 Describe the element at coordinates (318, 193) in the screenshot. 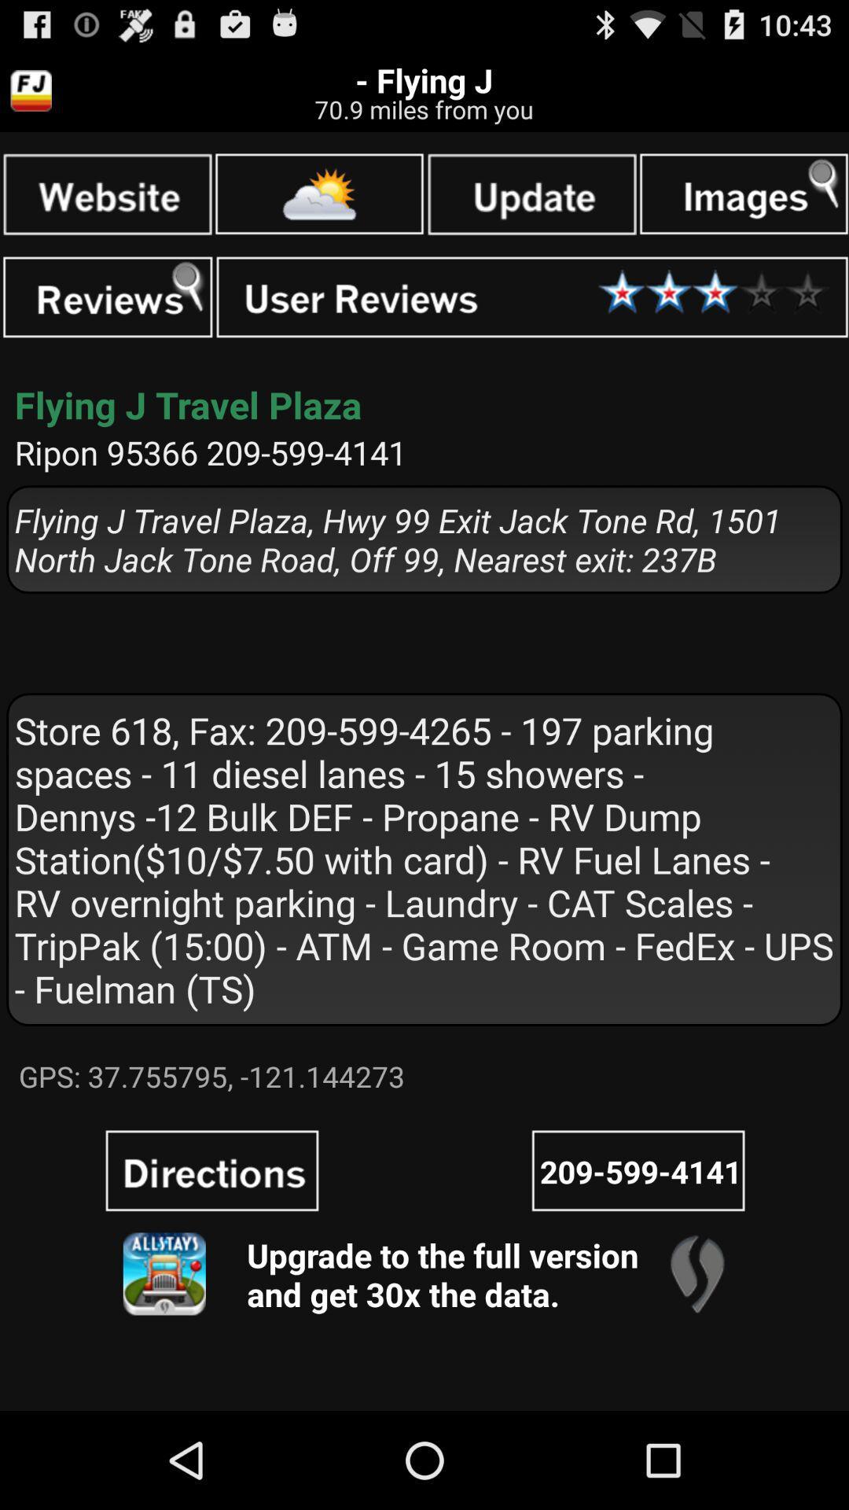

I see `the weather tab` at that location.